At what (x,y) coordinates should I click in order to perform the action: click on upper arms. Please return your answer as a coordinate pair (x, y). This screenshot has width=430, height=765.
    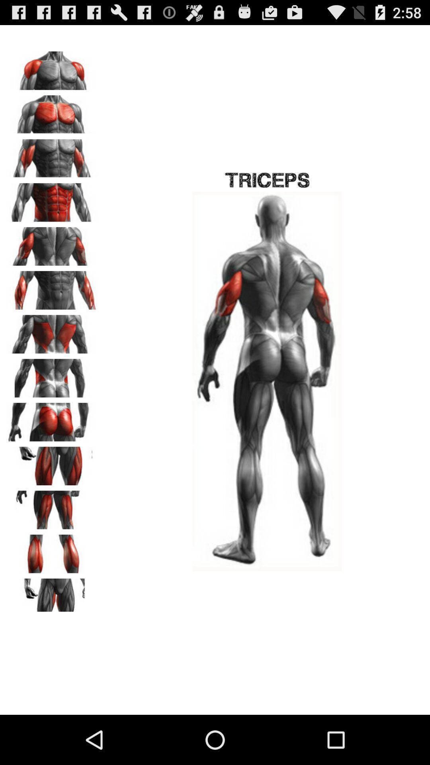
    Looking at the image, I should click on (52, 243).